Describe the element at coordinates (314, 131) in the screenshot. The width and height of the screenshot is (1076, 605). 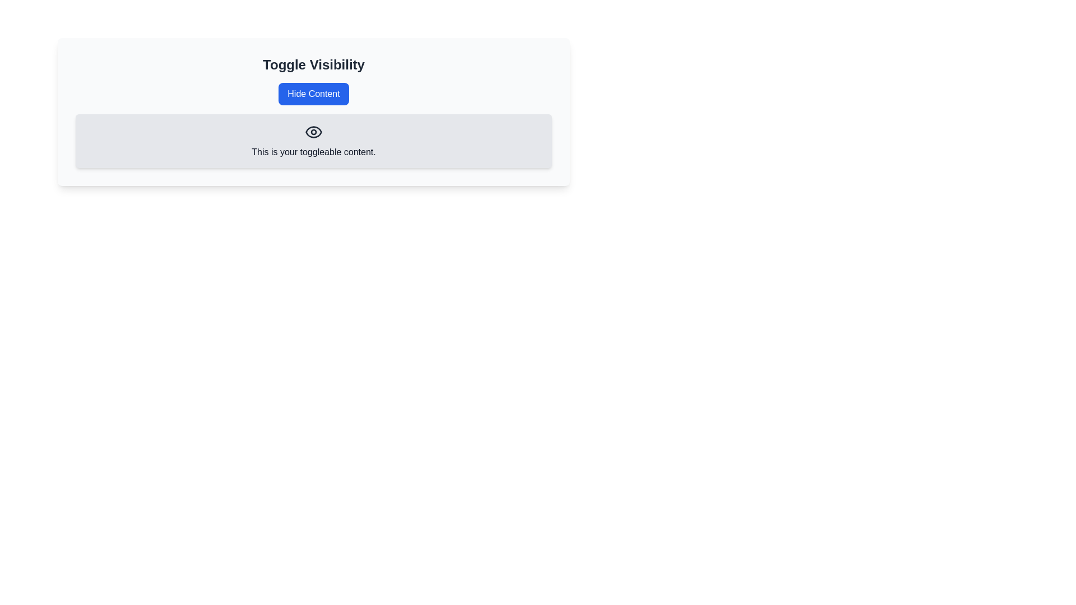
I see `the eye icon that indicates the visibility state of the associated content, located centrally above the text 'This is your toggleable content.'` at that location.